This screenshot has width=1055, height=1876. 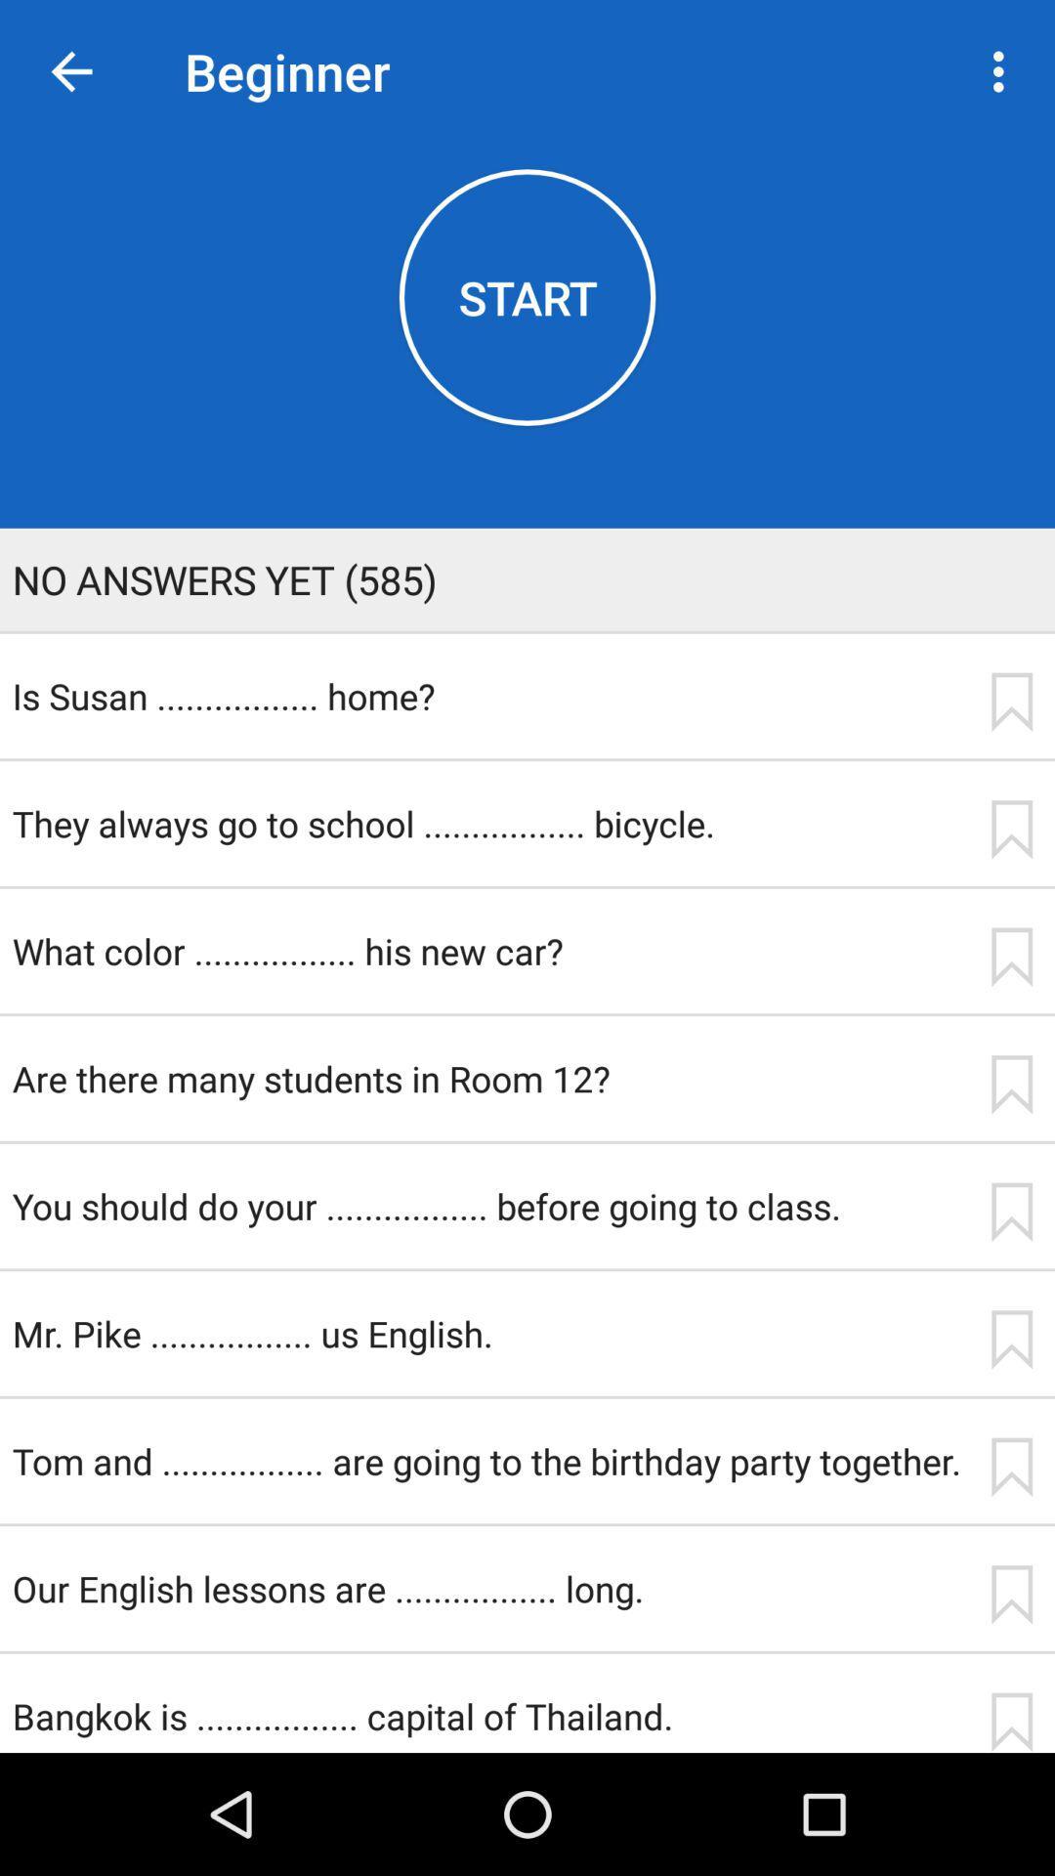 What do you see at coordinates (1003, 71) in the screenshot?
I see `the item at the top right corner` at bounding box center [1003, 71].